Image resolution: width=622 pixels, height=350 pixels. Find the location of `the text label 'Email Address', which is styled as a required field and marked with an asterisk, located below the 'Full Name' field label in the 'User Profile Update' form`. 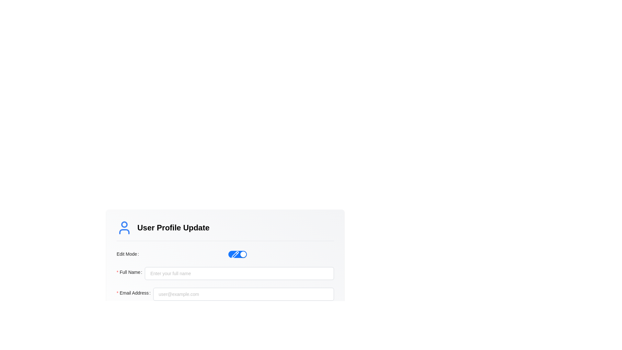

the text label 'Email Address', which is styled as a required field and marked with an asterisk, located below the 'Full Name' field label in the 'User Profile Update' form is located at coordinates (134, 293).